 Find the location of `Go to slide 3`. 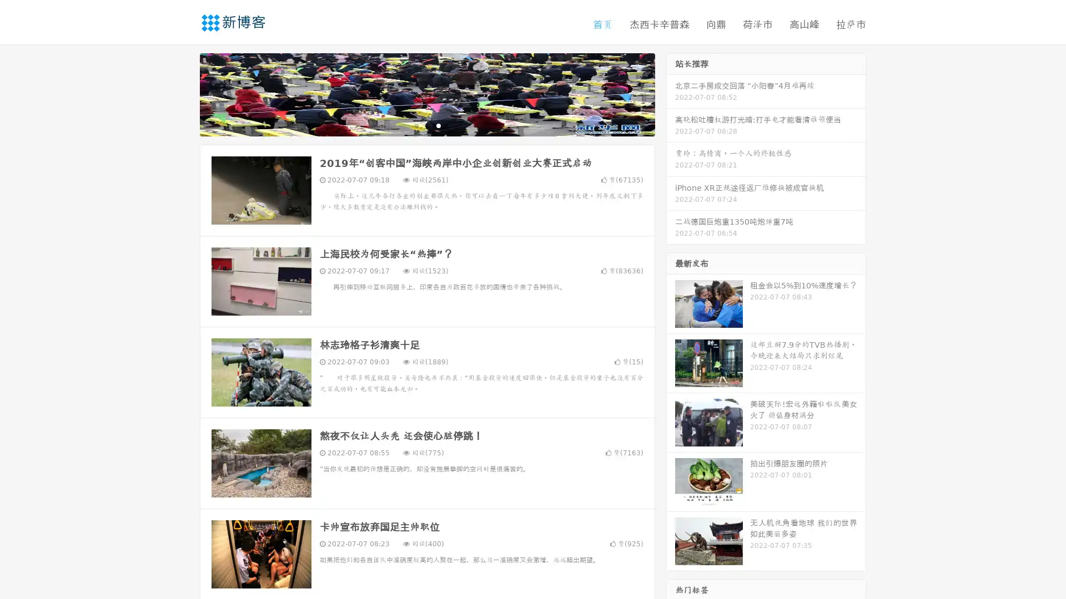

Go to slide 3 is located at coordinates (438, 125).